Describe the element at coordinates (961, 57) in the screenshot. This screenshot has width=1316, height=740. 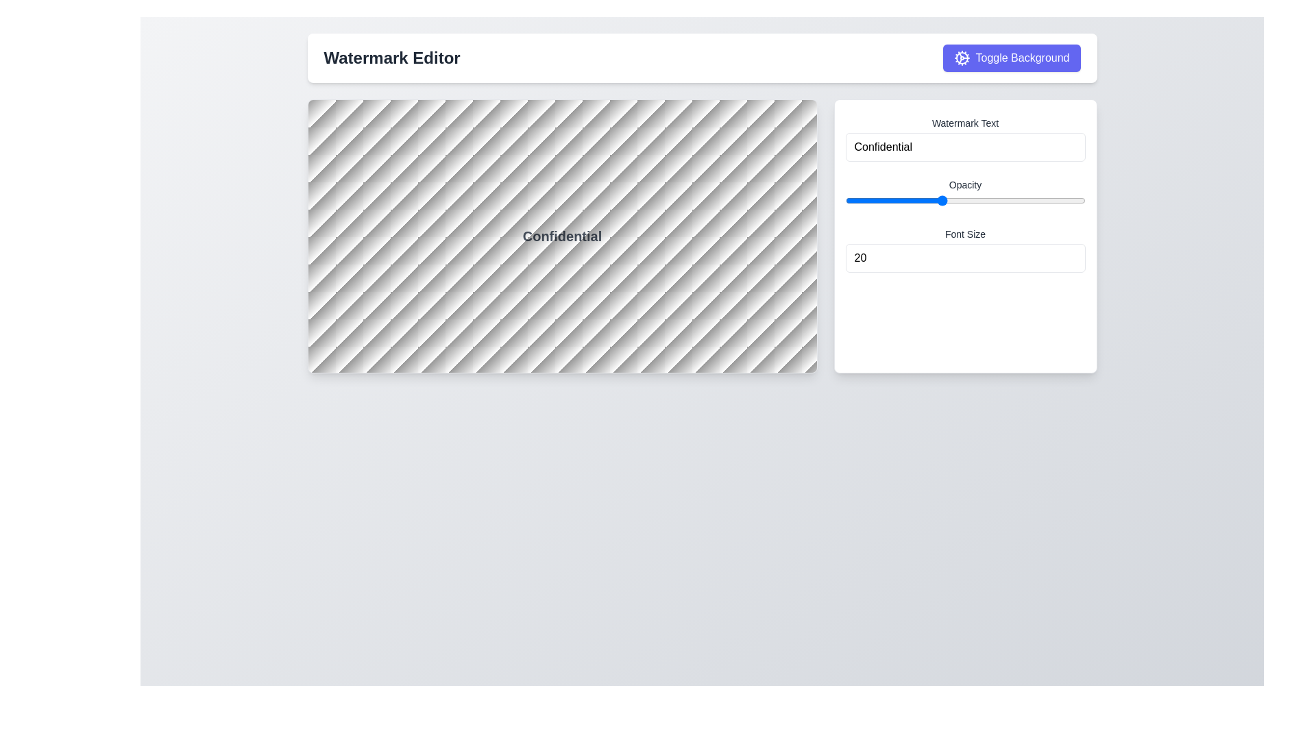
I see `the outermost circle of the cogwheel icon located in the top-right section of the interface, near the 'Toggle Background' button` at that location.